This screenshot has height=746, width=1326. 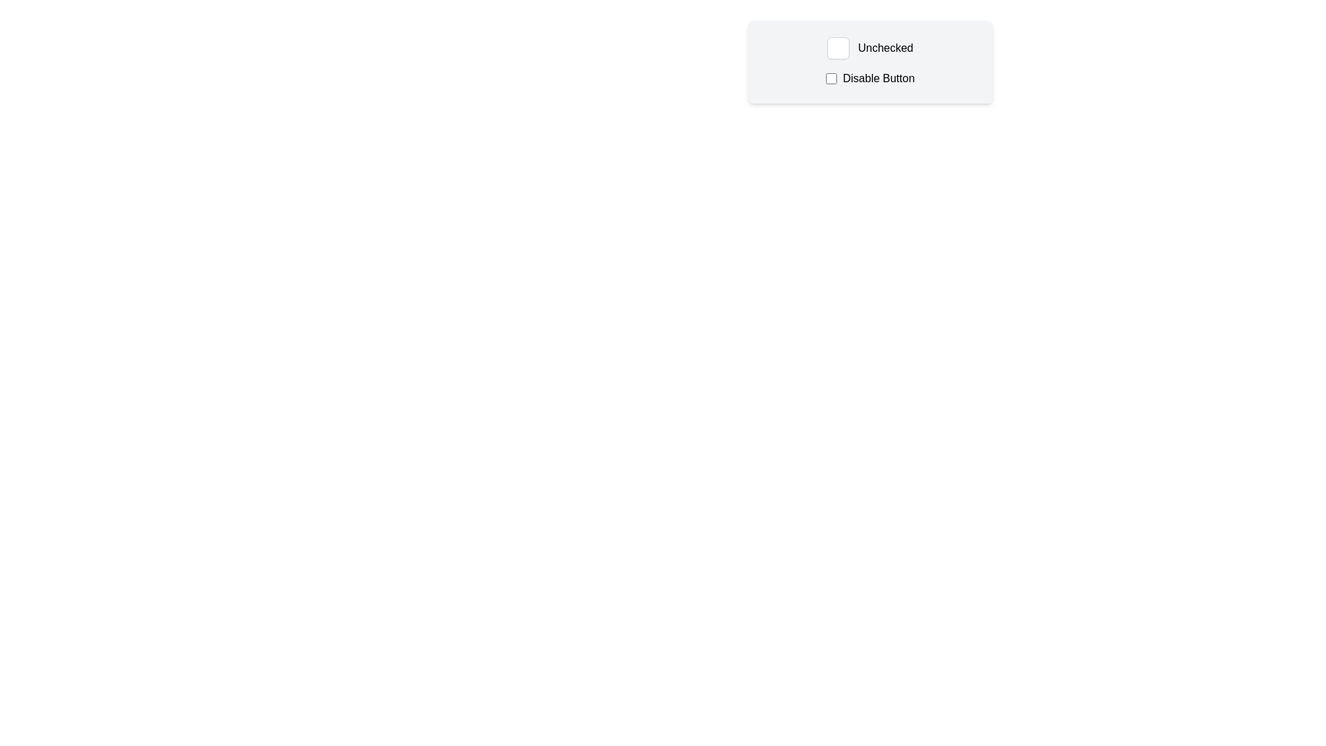 I want to click on label text associated with the checkbox located in the bottom-right corner of the light gray box, below the 'Unchecked' label, so click(x=869, y=79).